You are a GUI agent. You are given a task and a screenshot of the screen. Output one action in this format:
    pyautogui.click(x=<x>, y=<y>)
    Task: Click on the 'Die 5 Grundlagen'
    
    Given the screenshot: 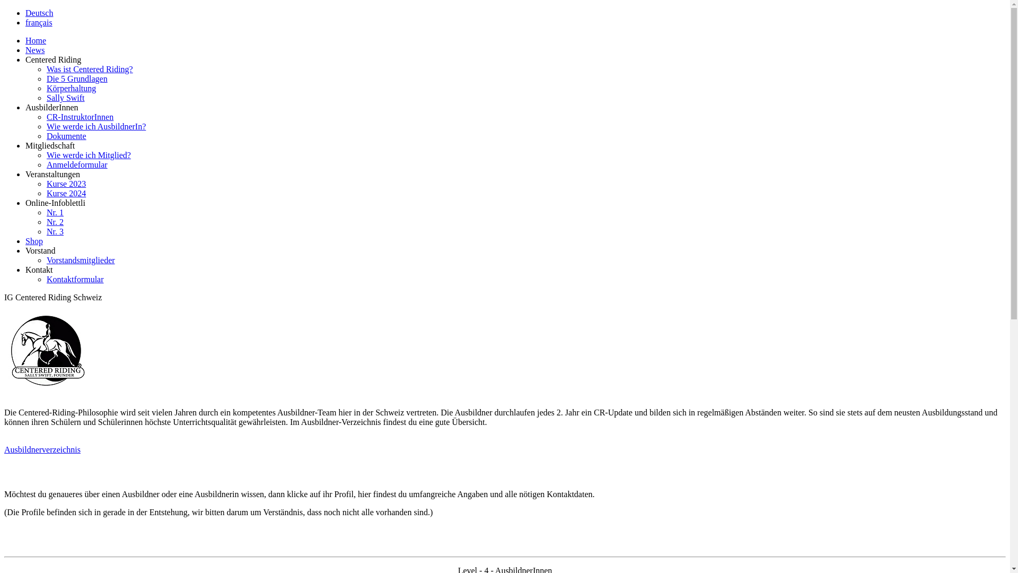 What is the action you would take?
    pyautogui.click(x=46, y=78)
    